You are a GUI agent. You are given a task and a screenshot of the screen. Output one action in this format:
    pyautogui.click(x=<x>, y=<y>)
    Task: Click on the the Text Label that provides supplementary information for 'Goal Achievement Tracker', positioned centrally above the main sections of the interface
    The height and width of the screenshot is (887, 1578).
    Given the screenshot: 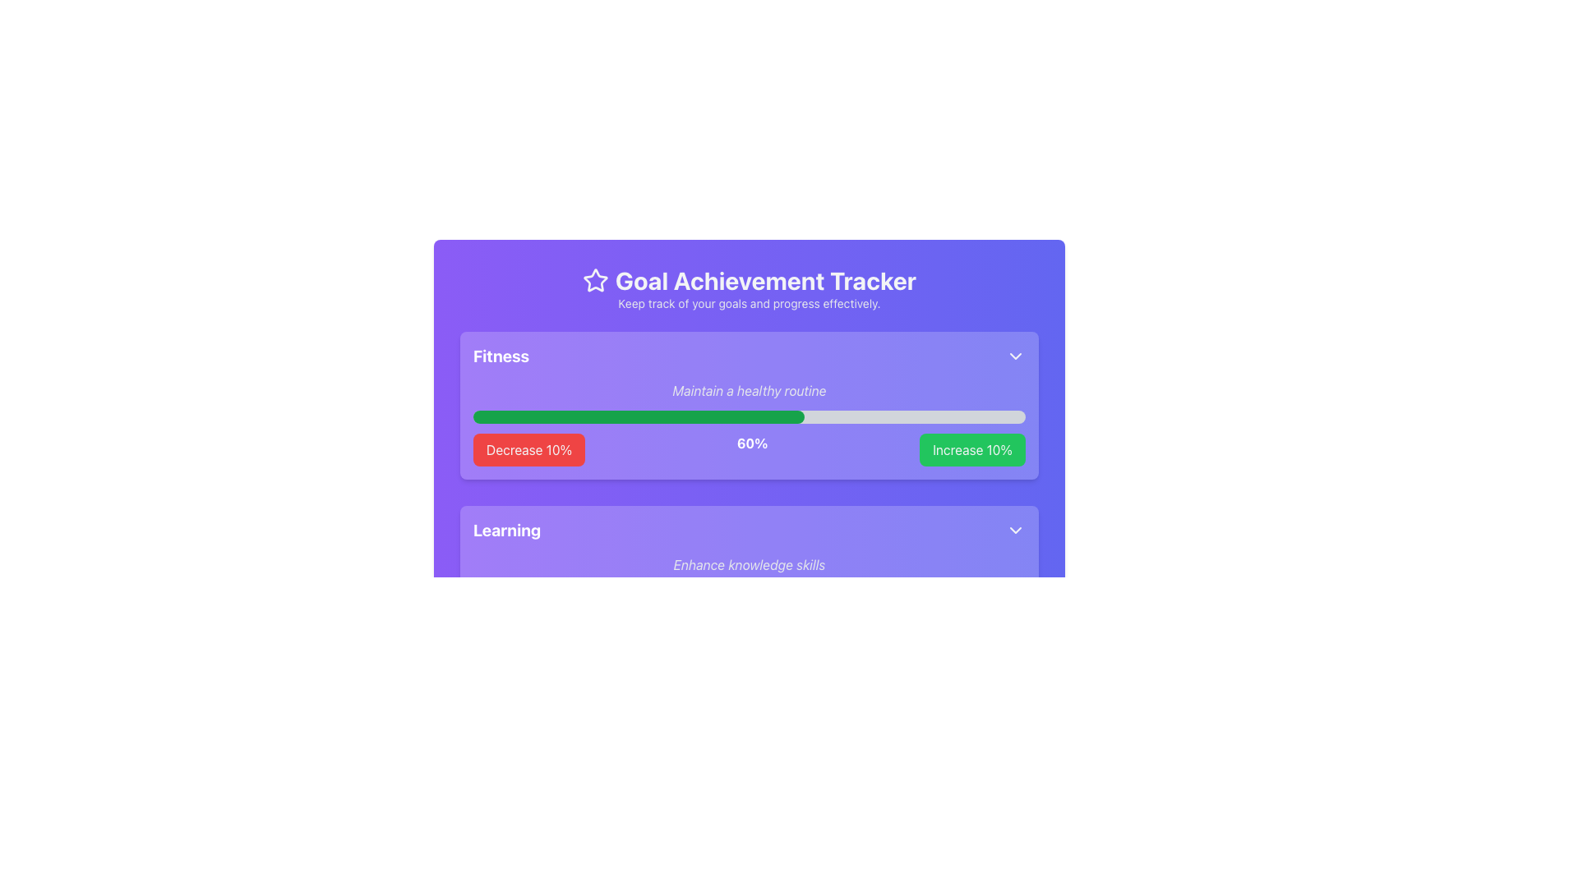 What is the action you would take?
    pyautogui.click(x=749, y=304)
    